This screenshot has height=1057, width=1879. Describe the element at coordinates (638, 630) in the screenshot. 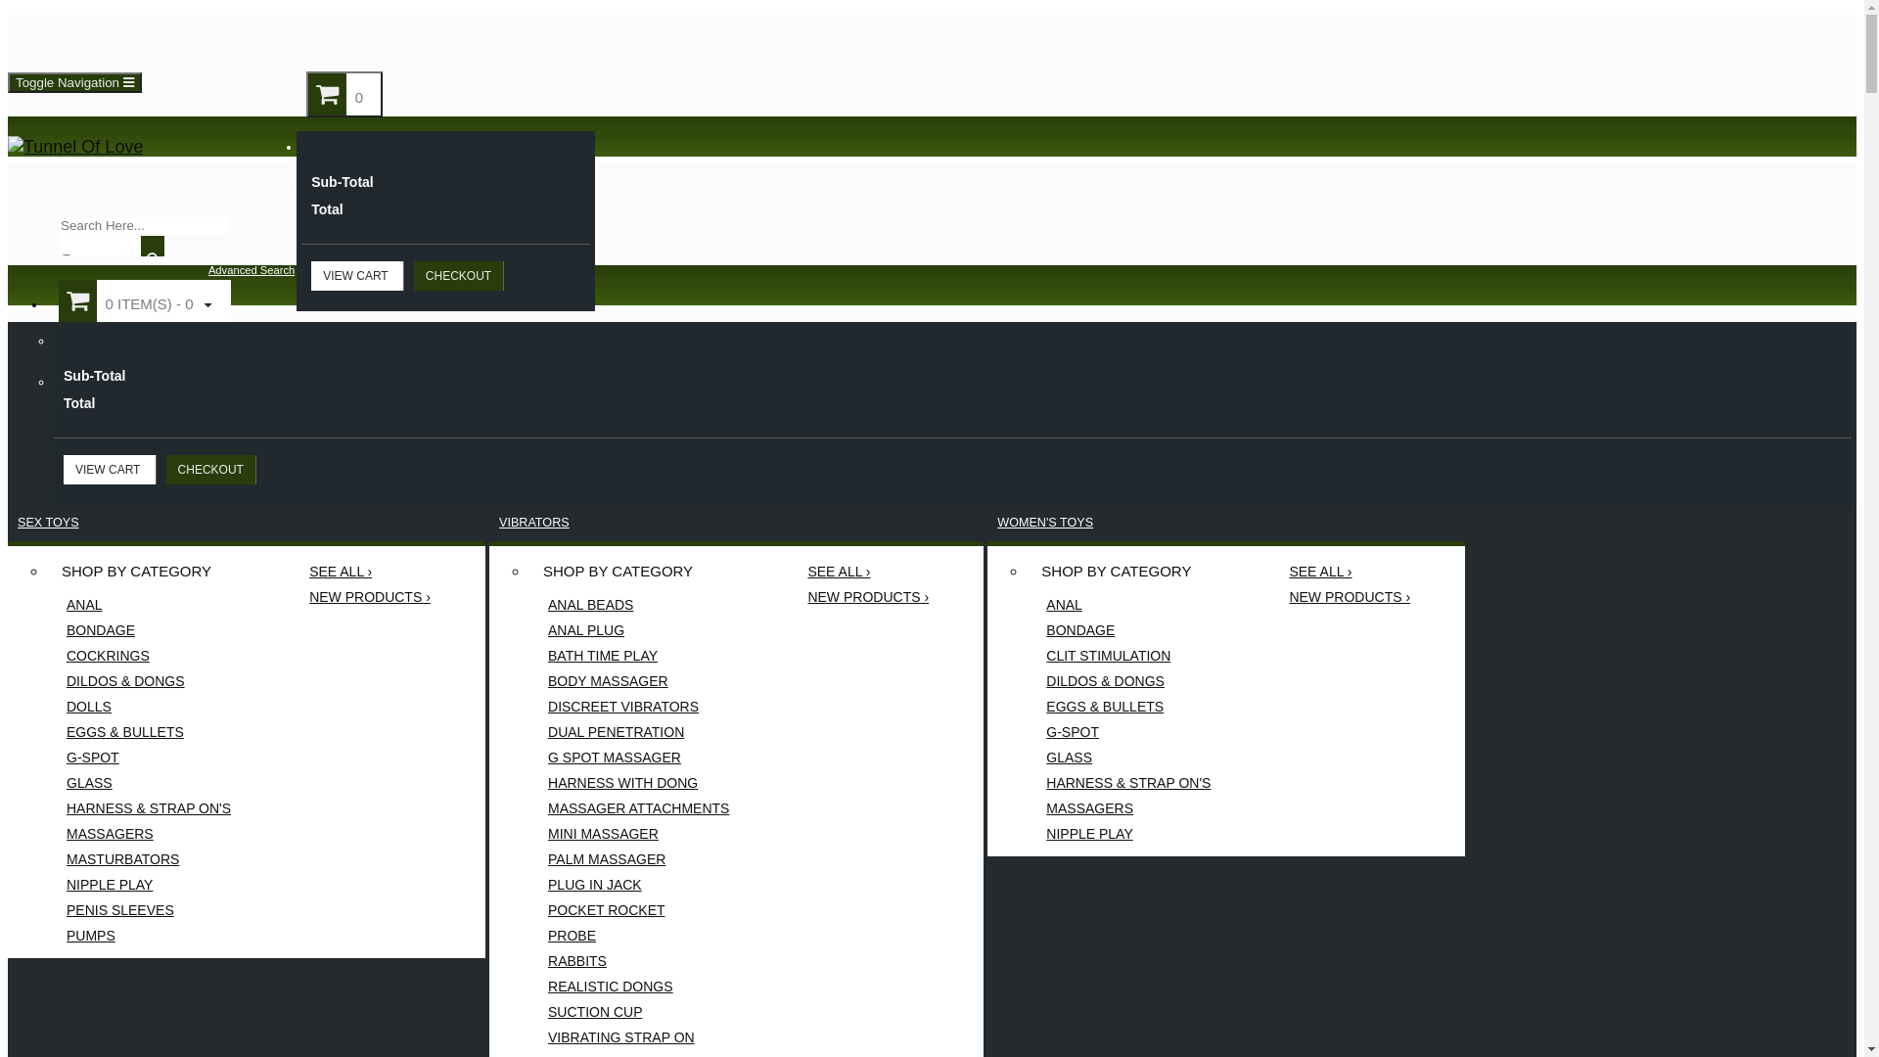

I see `'ANAL PLUG'` at that location.